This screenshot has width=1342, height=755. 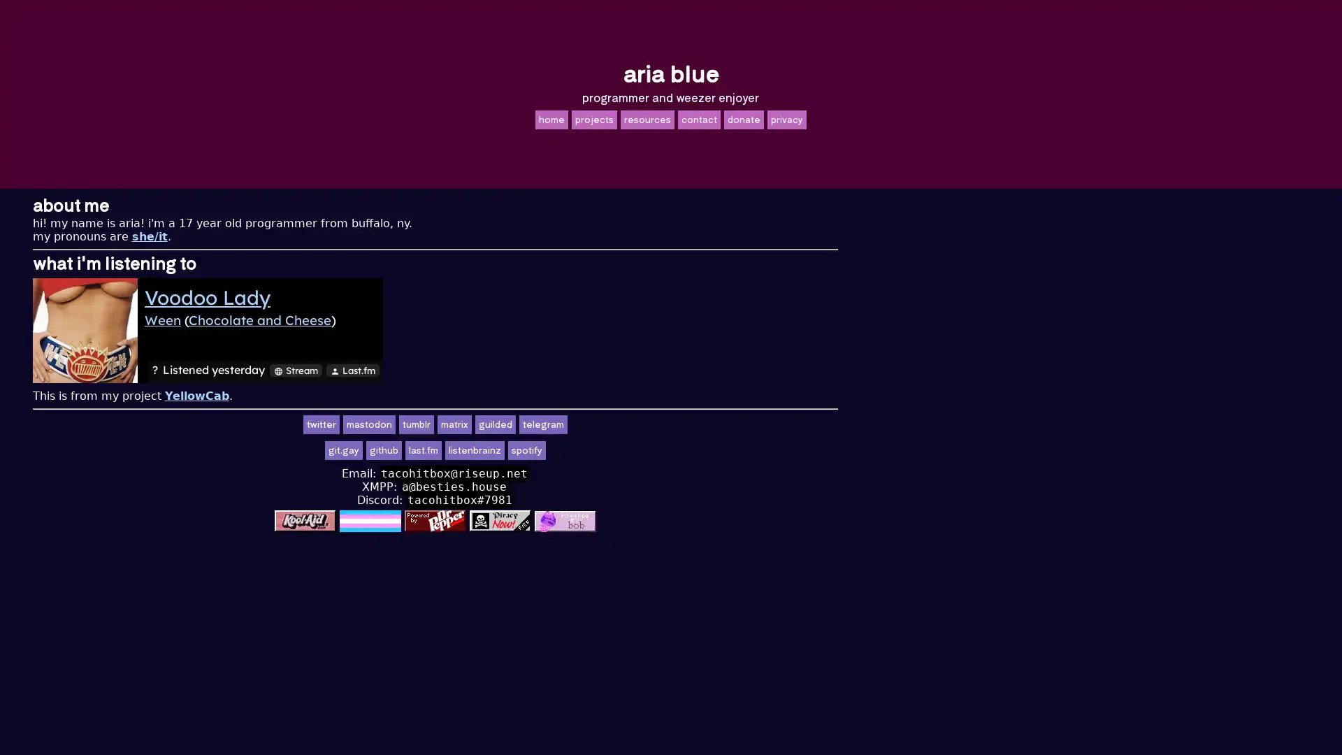 I want to click on spotify, so click(x=761, y=450).